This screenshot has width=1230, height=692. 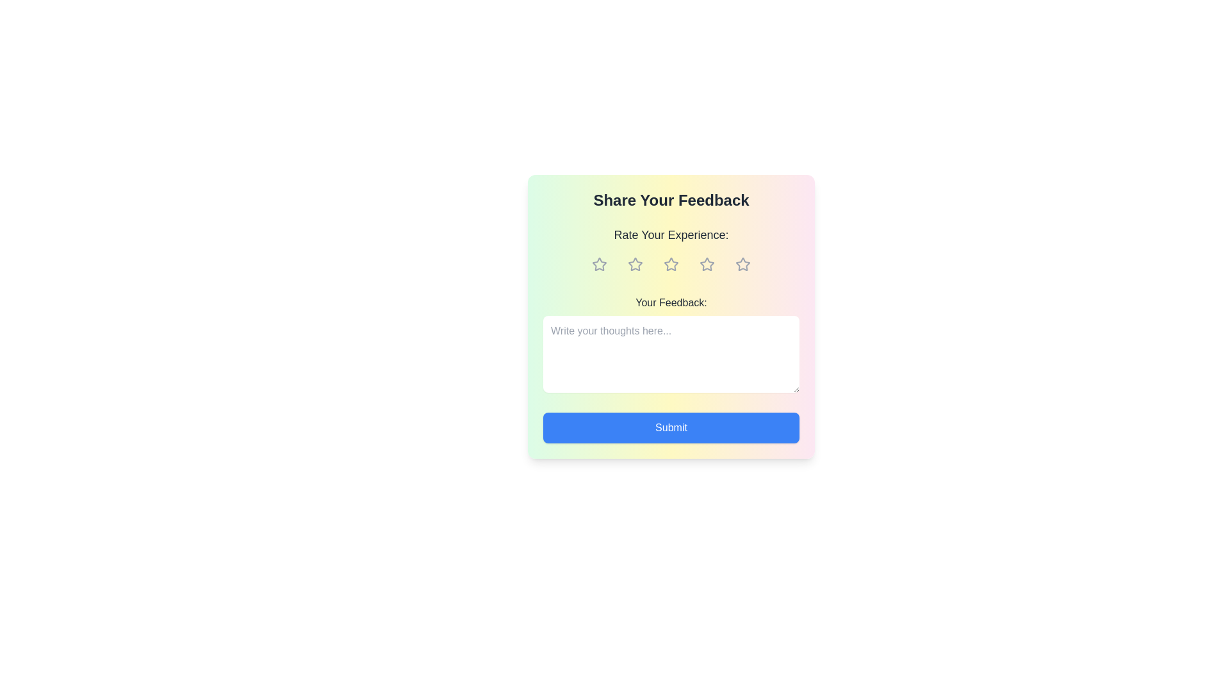 What do you see at coordinates (670, 427) in the screenshot?
I see `the submit button located at the bottom of the feedback form` at bounding box center [670, 427].